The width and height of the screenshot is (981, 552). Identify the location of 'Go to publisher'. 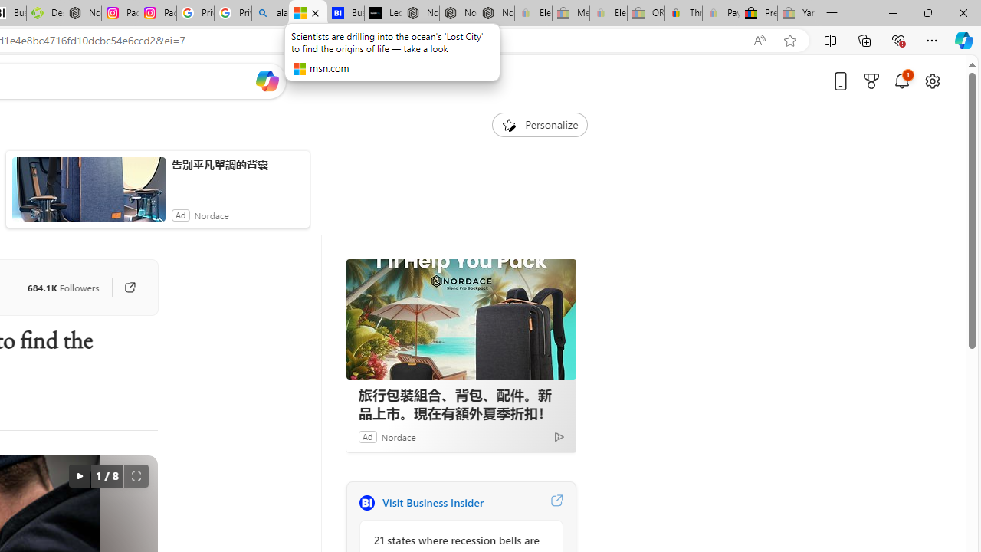
(130, 287).